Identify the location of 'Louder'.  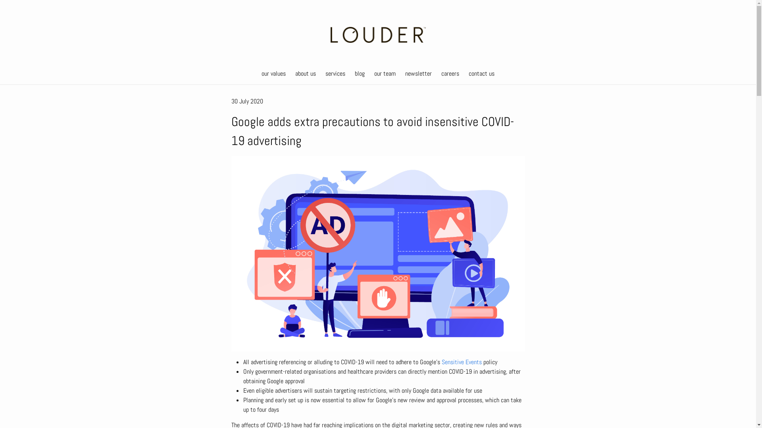
(330, 34).